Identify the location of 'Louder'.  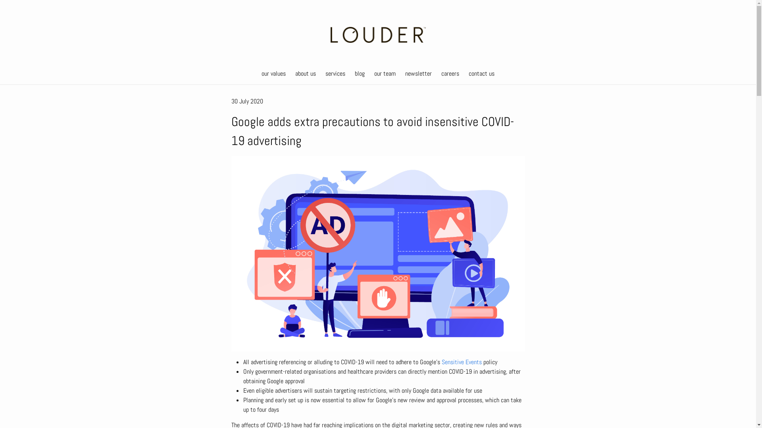
(330, 34).